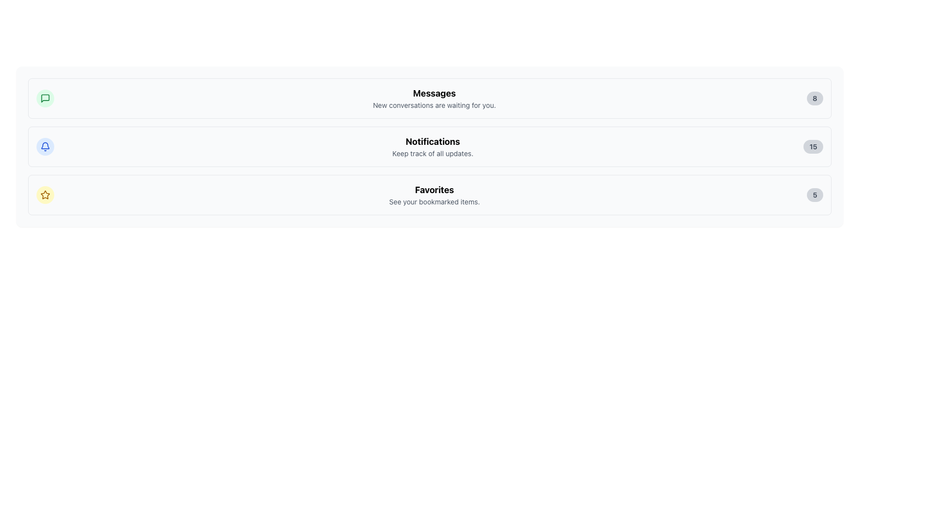  Describe the element at coordinates (434, 190) in the screenshot. I see `the 'Favorites' header text element` at that location.